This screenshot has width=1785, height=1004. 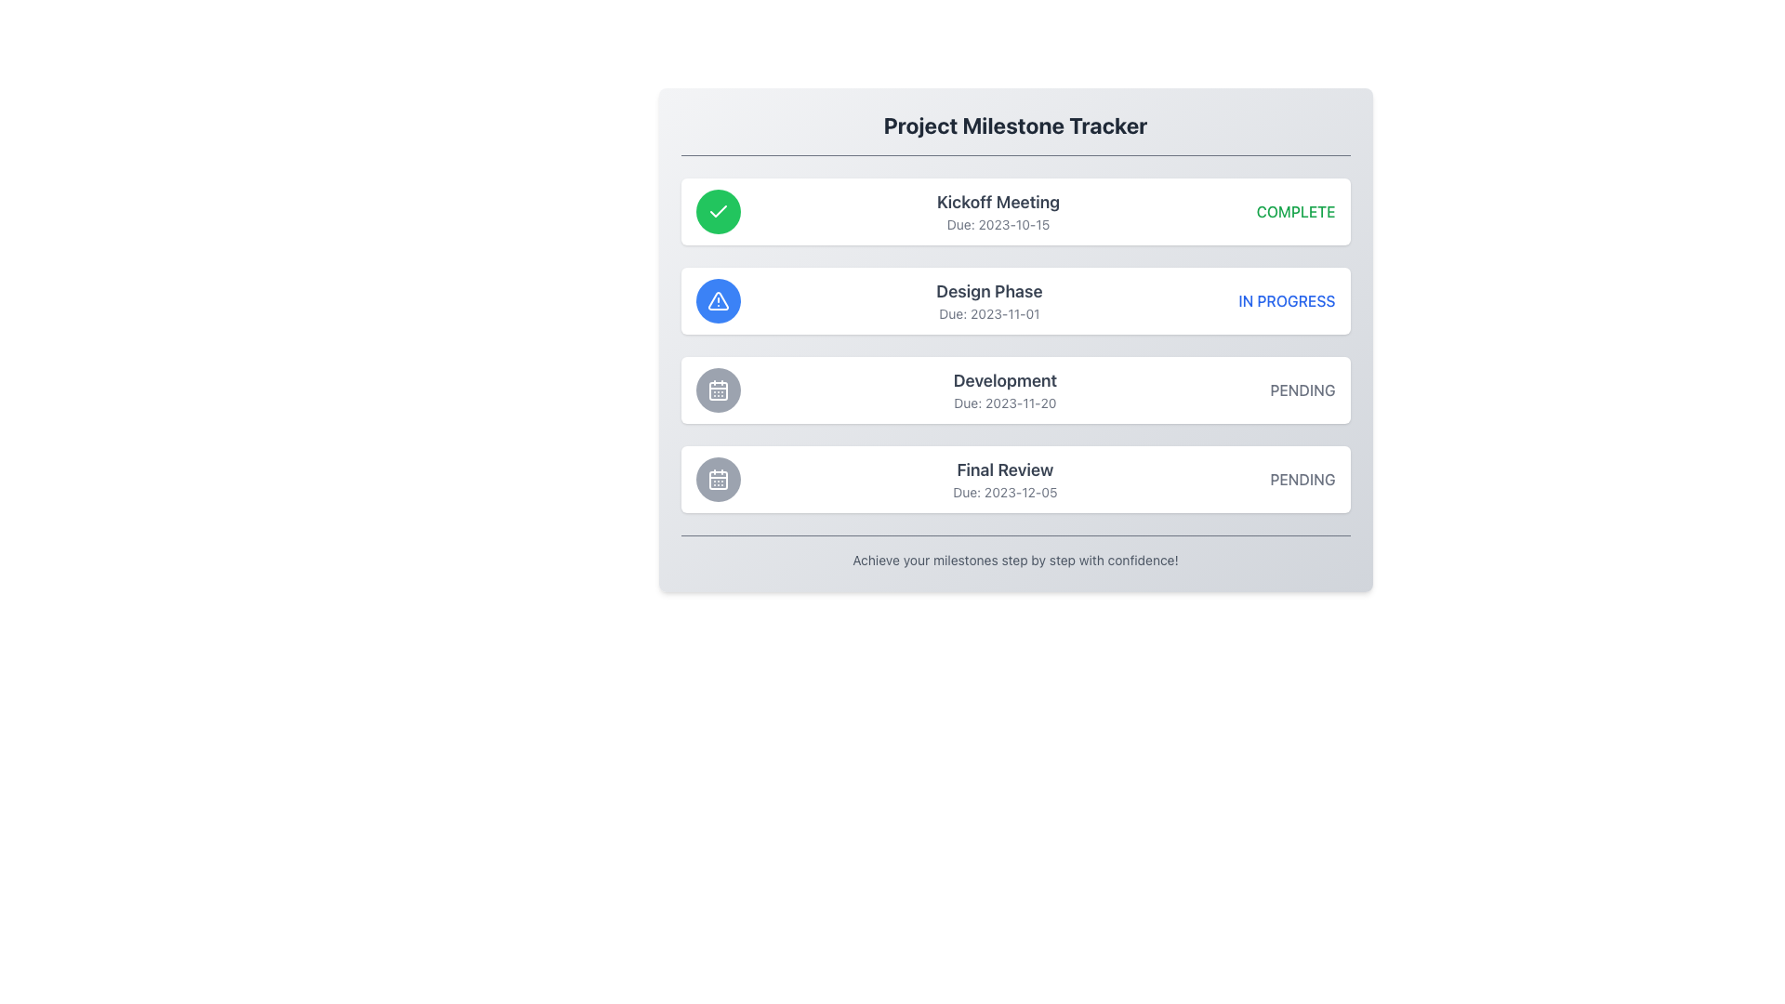 What do you see at coordinates (1004, 479) in the screenshot?
I see `information displayed in the text element titled 'Final Review', which includes the due date '2023-12-05'` at bounding box center [1004, 479].